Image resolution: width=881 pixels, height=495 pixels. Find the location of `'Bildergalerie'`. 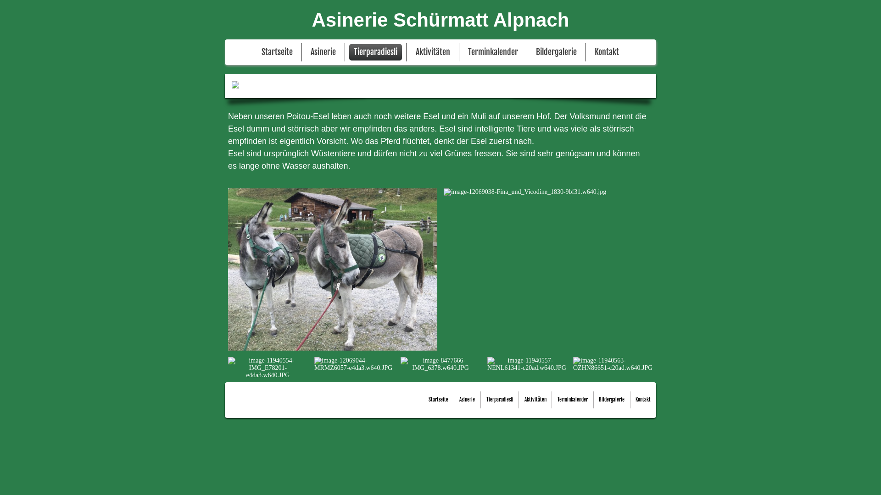

'Bildergalerie' is located at coordinates (596, 399).